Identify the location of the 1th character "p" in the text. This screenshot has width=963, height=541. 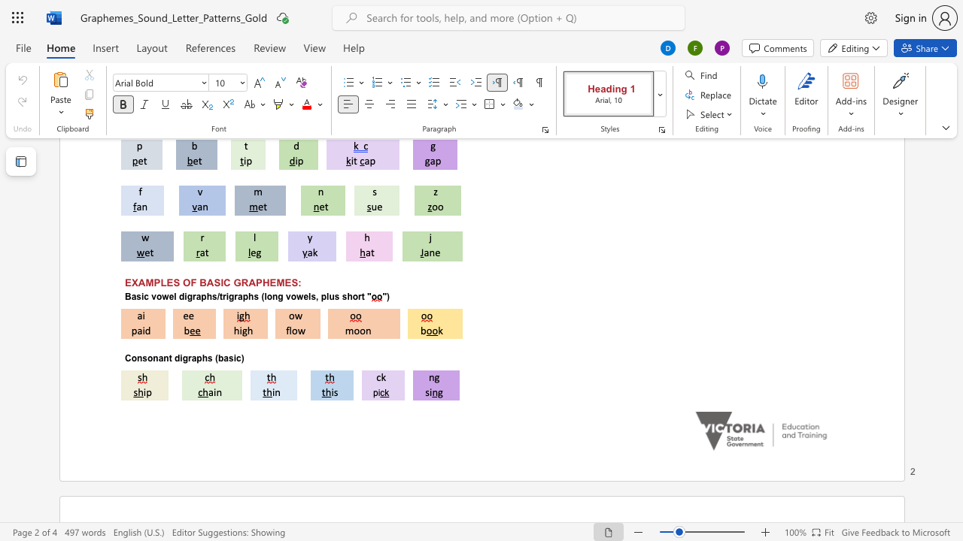
(198, 358).